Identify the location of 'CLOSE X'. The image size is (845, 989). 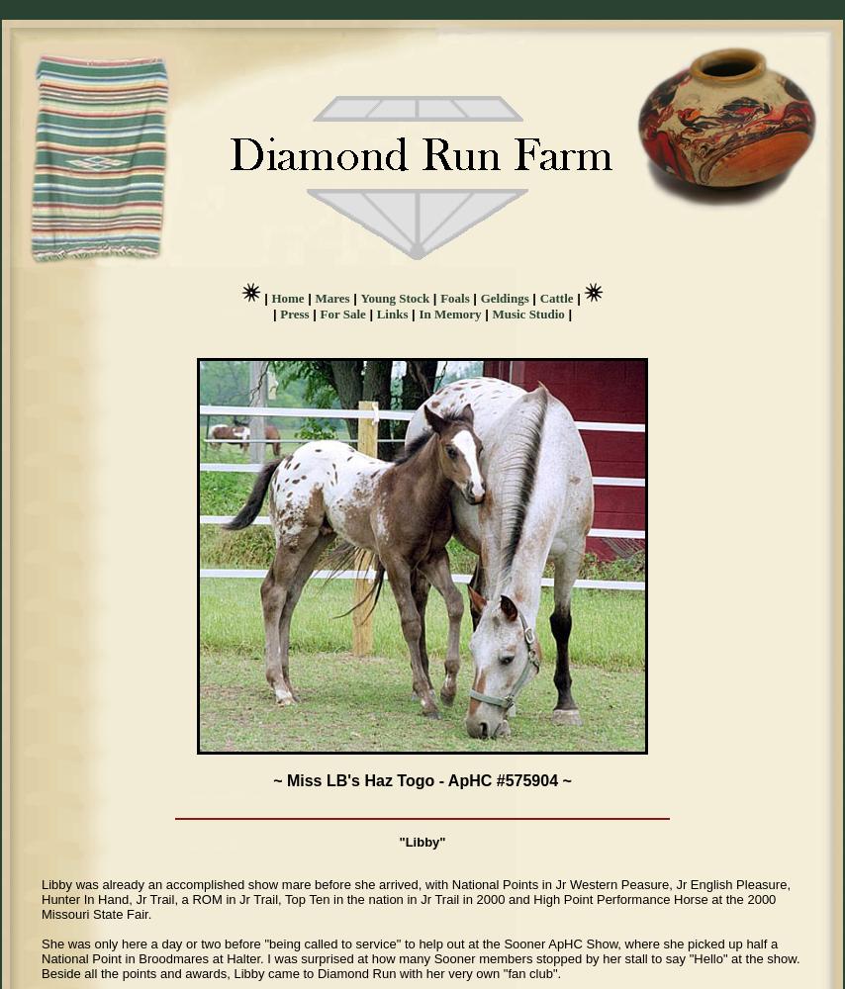
(60, 23).